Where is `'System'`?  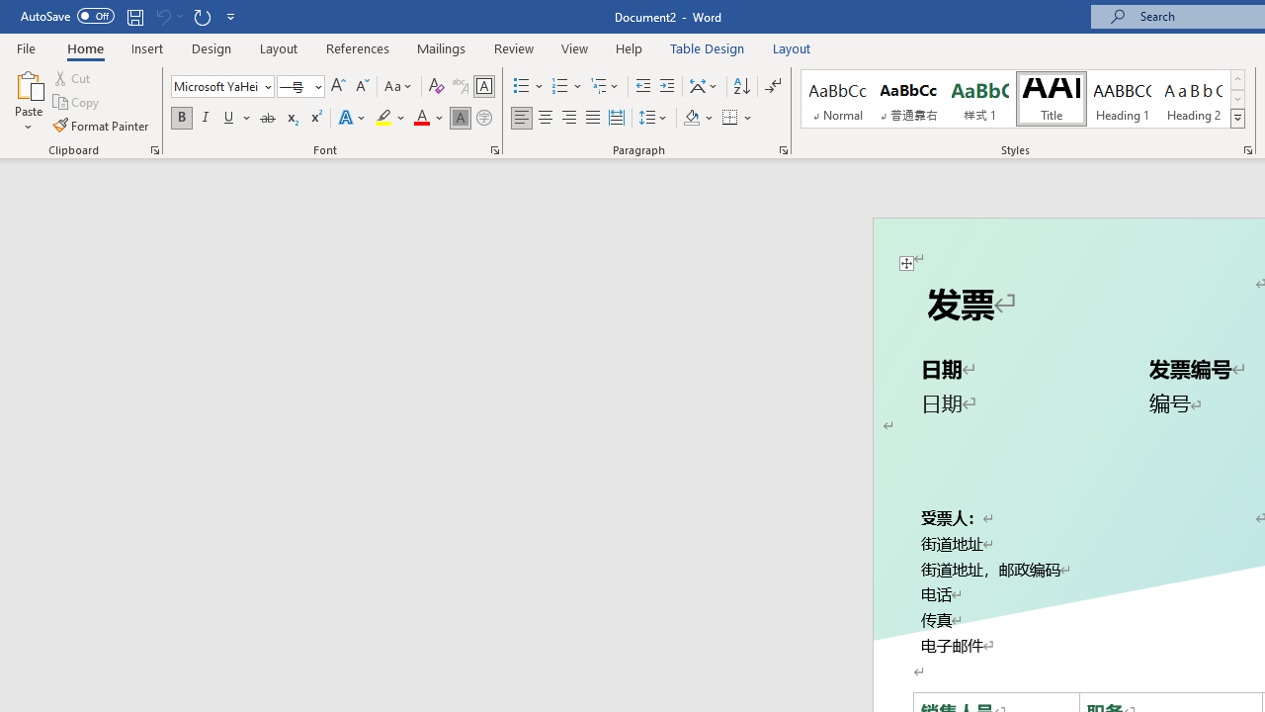
'System' is located at coordinates (10, 11).